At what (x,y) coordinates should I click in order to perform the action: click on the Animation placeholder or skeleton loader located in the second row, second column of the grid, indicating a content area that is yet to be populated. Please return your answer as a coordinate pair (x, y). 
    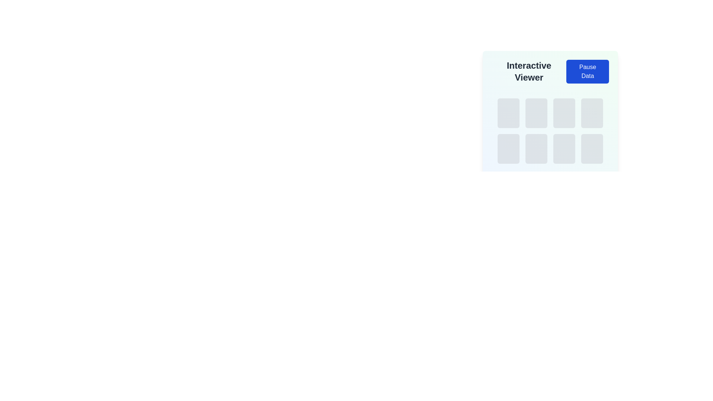
    Looking at the image, I should click on (536, 149).